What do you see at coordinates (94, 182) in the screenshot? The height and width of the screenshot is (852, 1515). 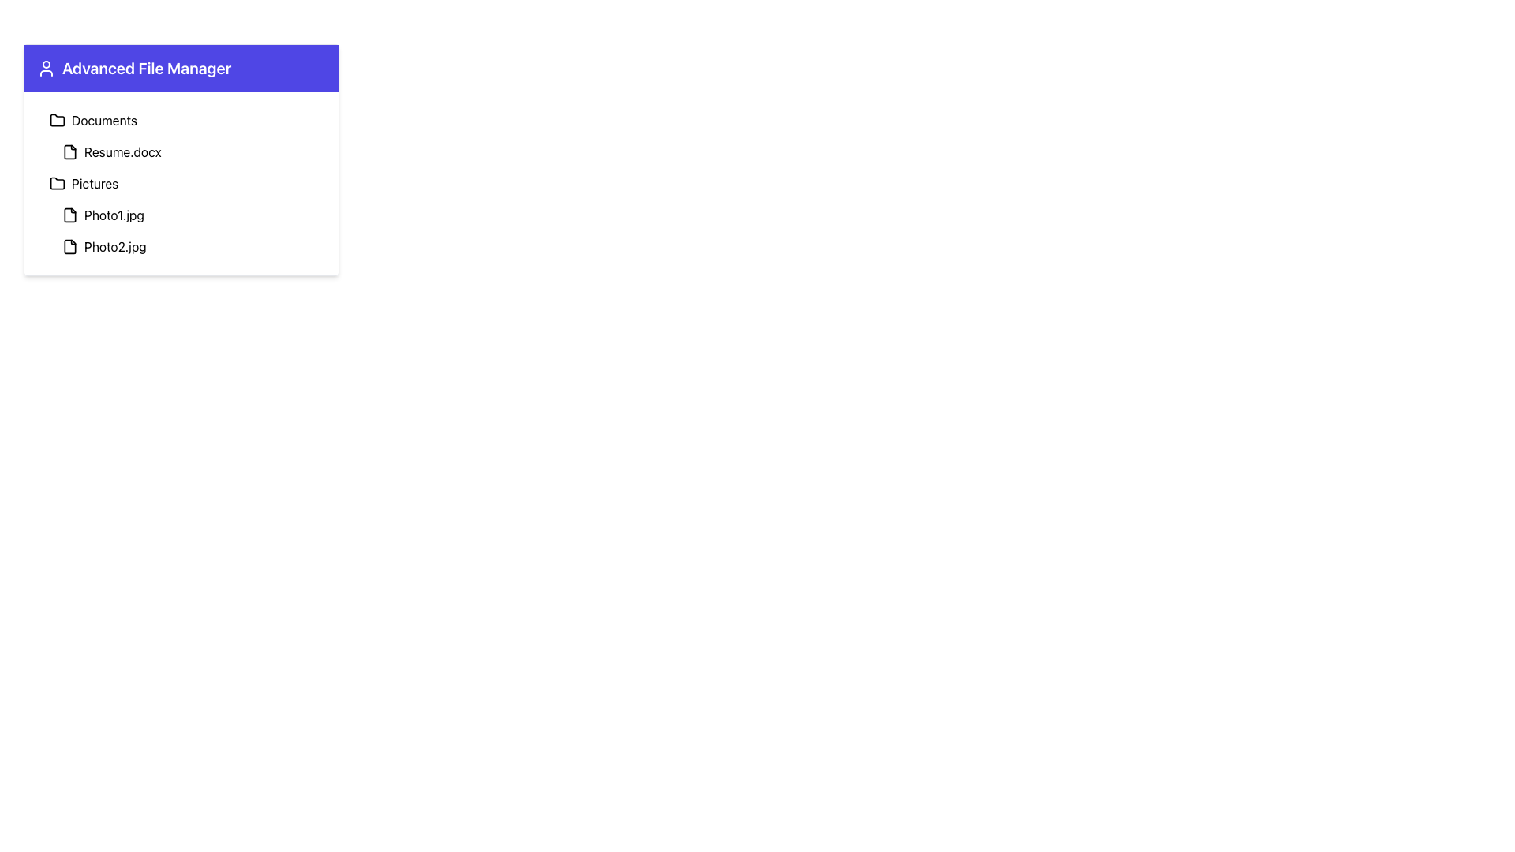 I see `the 'Pictures' text label` at bounding box center [94, 182].